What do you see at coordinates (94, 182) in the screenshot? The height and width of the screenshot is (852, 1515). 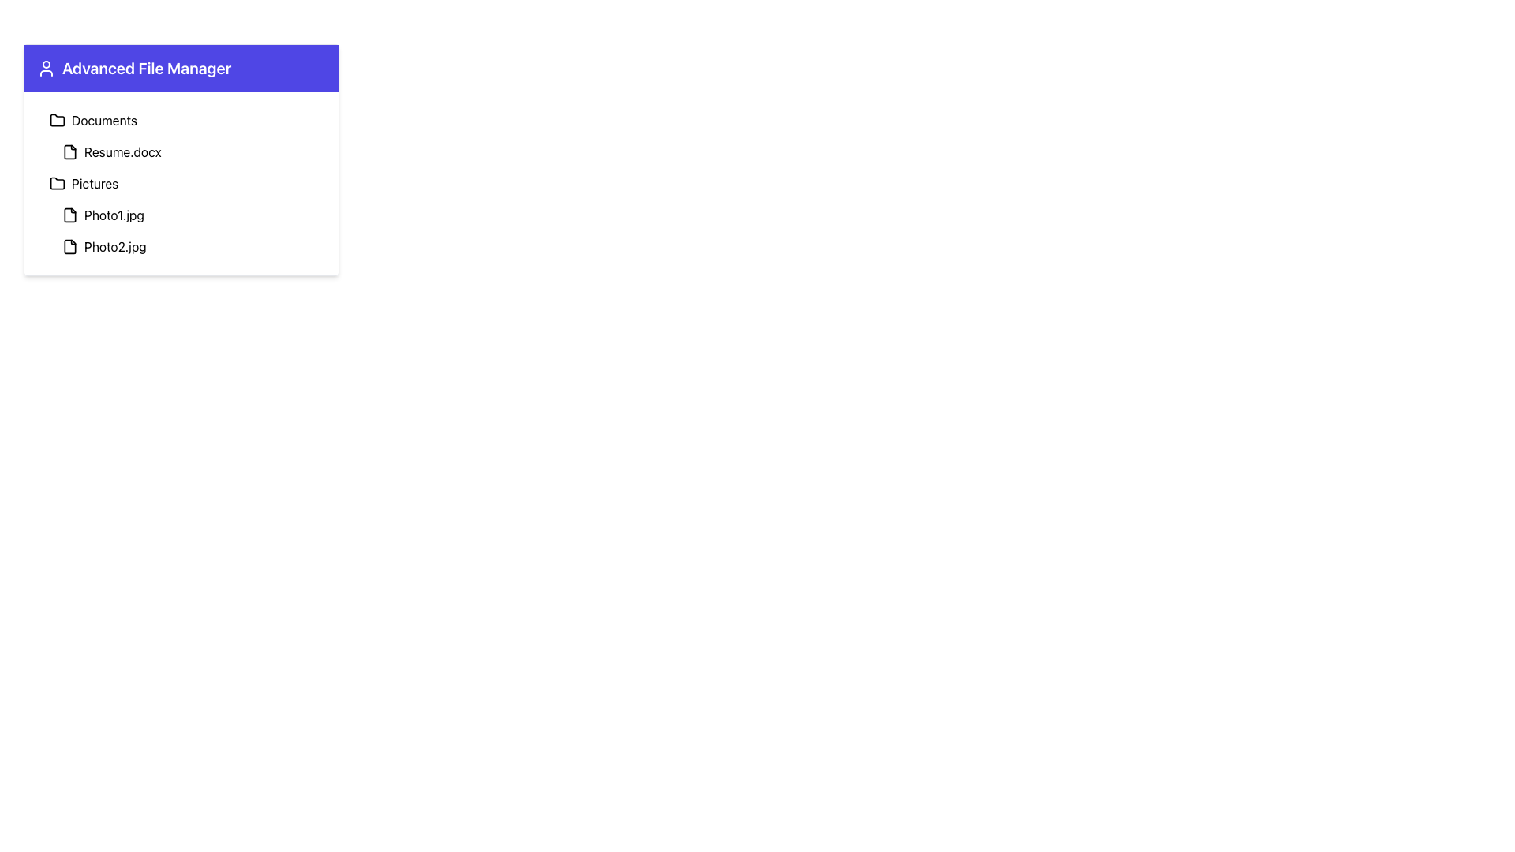 I see `the 'Pictures' text label` at bounding box center [94, 182].